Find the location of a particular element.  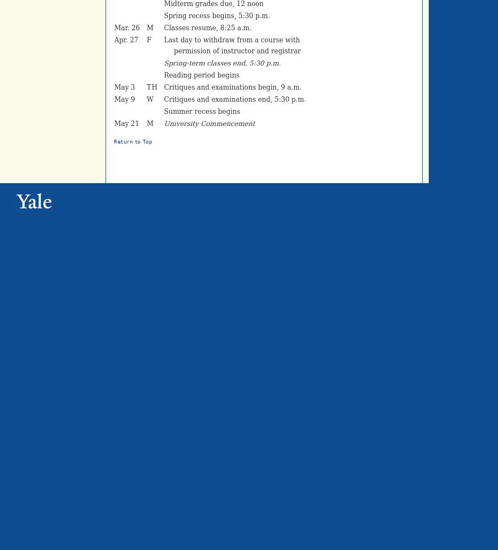

'Apr. 27' is located at coordinates (126, 40).